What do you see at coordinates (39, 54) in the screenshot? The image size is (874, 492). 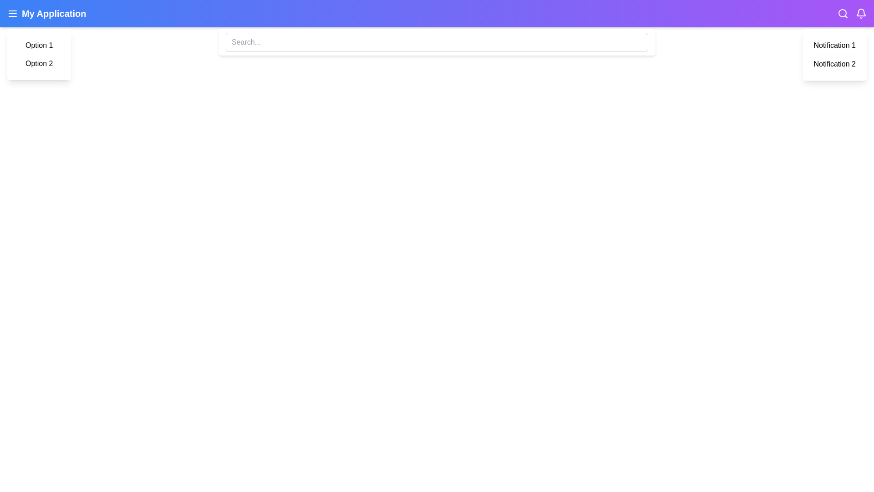 I see `the list item group containing 'Option 1' and 'Option 2'` at bounding box center [39, 54].